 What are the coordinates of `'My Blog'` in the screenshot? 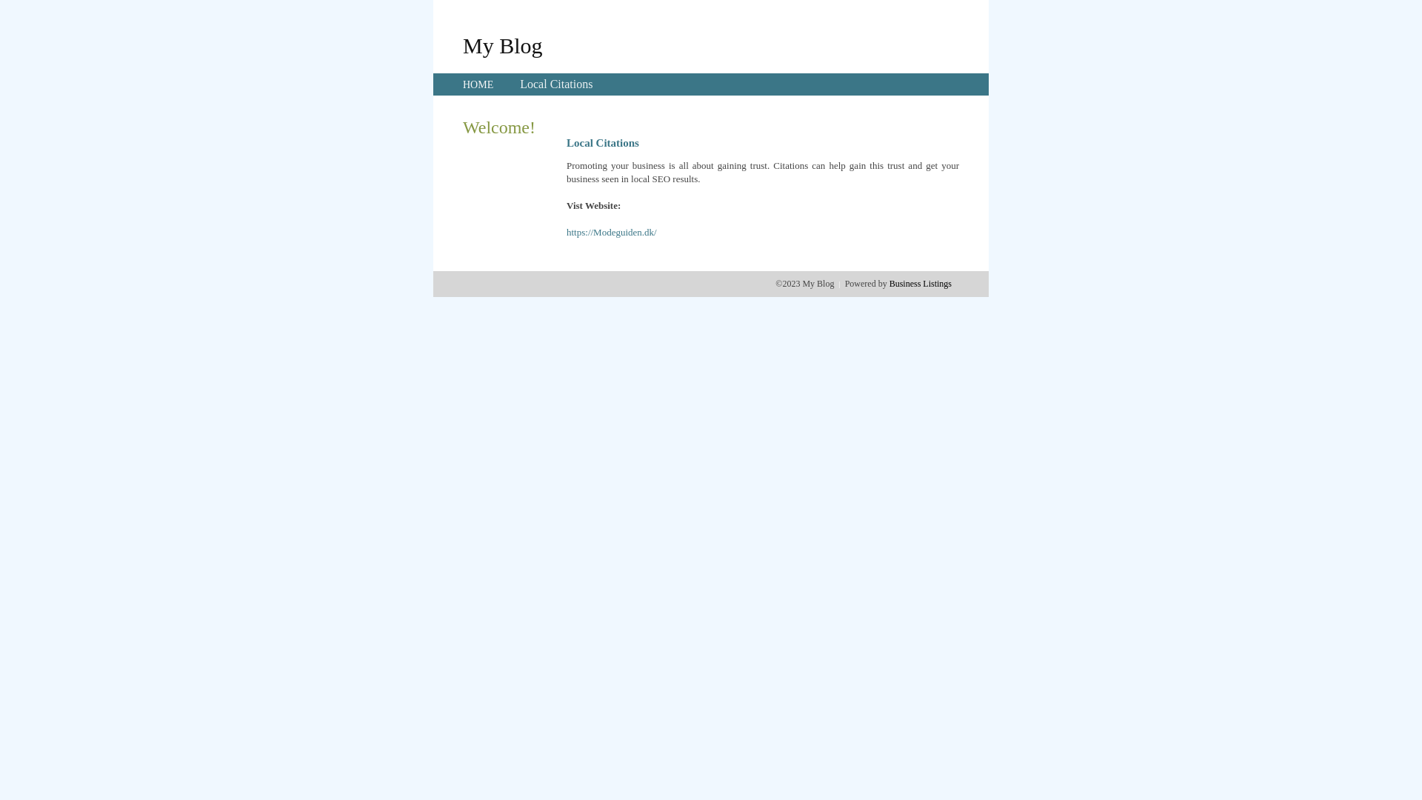 It's located at (502, 44).